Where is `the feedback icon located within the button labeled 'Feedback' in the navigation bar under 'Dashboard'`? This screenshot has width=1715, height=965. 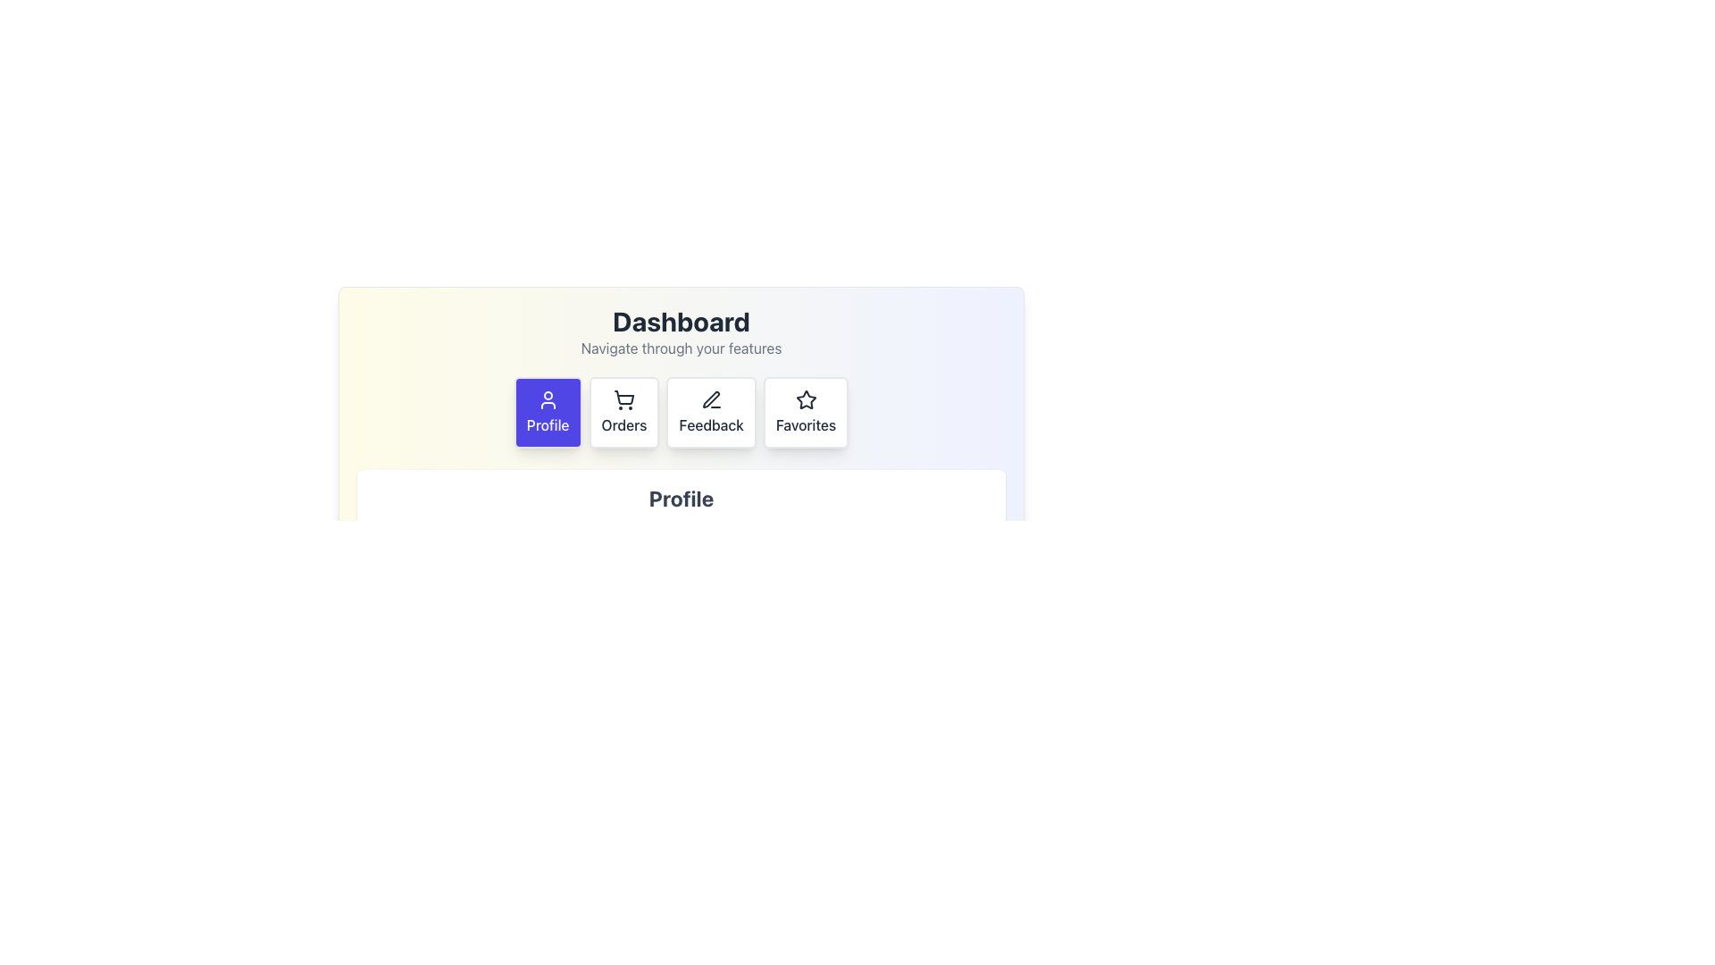
the feedback icon located within the button labeled 'Feedback' in the navigation bar under 'Dashboard' is located at coordinates (710, 399).